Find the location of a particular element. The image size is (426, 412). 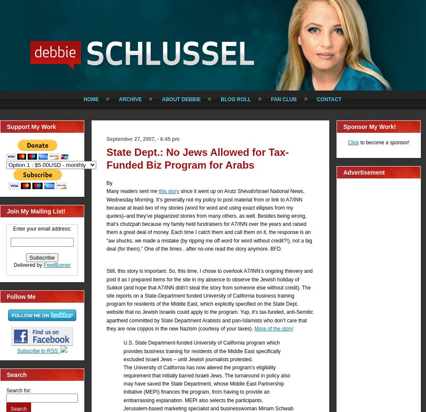

'Home' is located at coordinates (83, 99).